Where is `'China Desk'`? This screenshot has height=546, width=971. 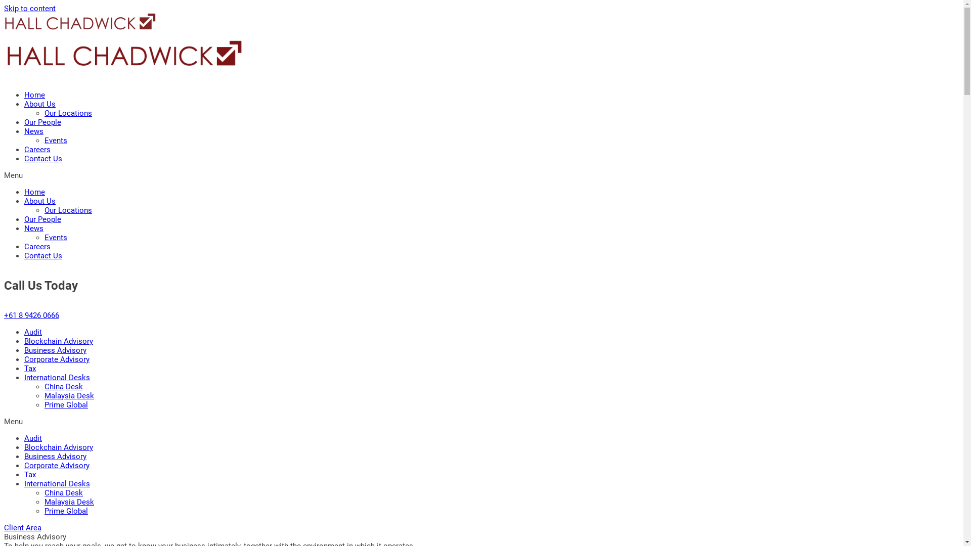
'China Desk' is located at coordinates (63, 492).